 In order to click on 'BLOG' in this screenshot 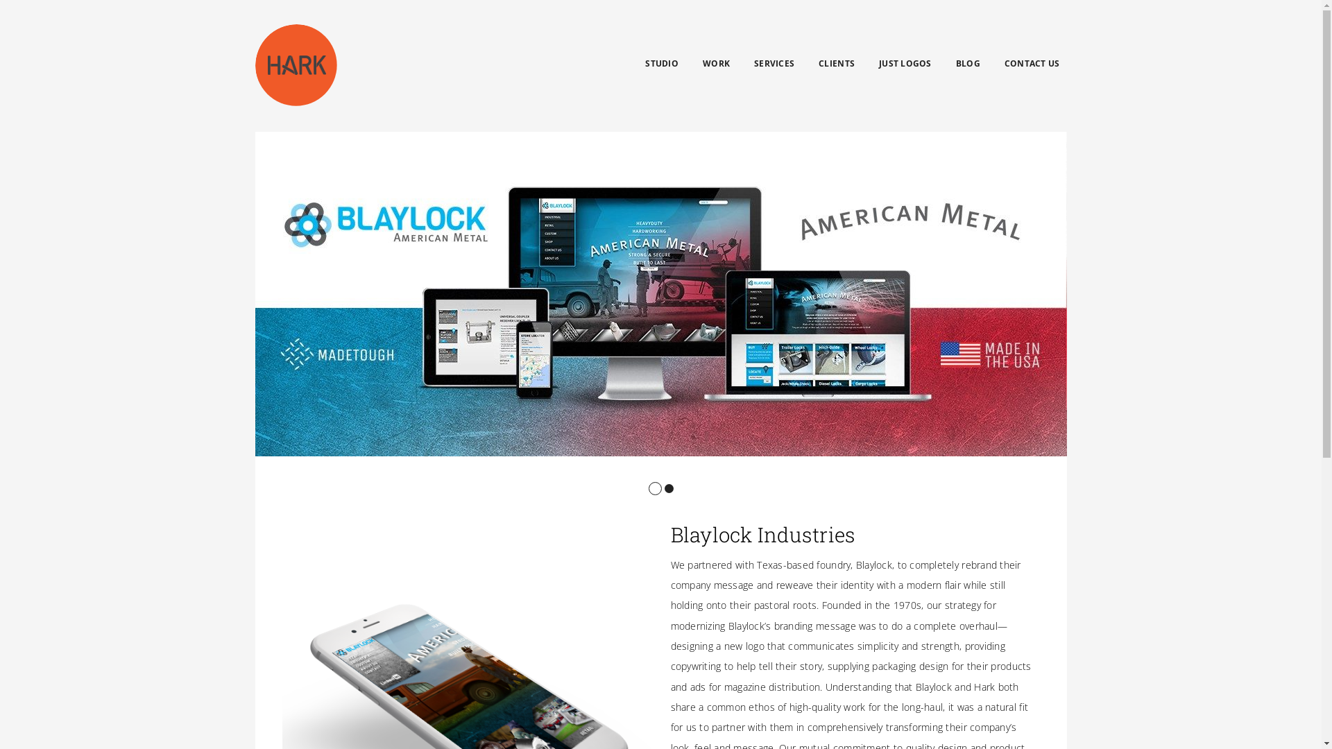, I will do `click(967, 64)`.